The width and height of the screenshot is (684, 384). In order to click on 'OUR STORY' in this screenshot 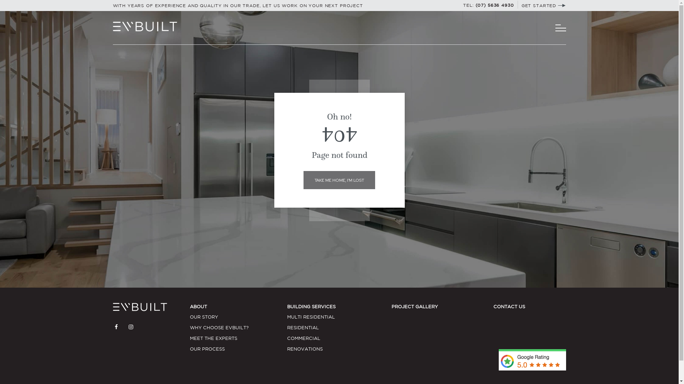, I will do `click(190, 316)`.